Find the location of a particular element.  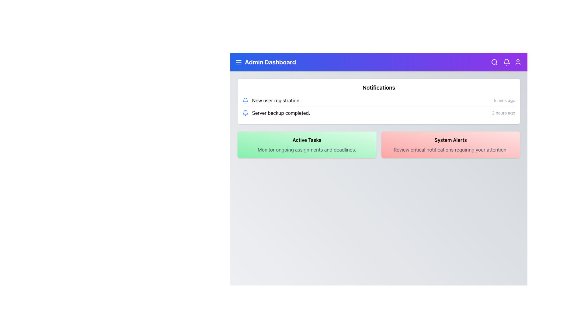

the text label that serves as the section heading for notifications, located at the top-center of the white card is located at coordinates (378, 88).